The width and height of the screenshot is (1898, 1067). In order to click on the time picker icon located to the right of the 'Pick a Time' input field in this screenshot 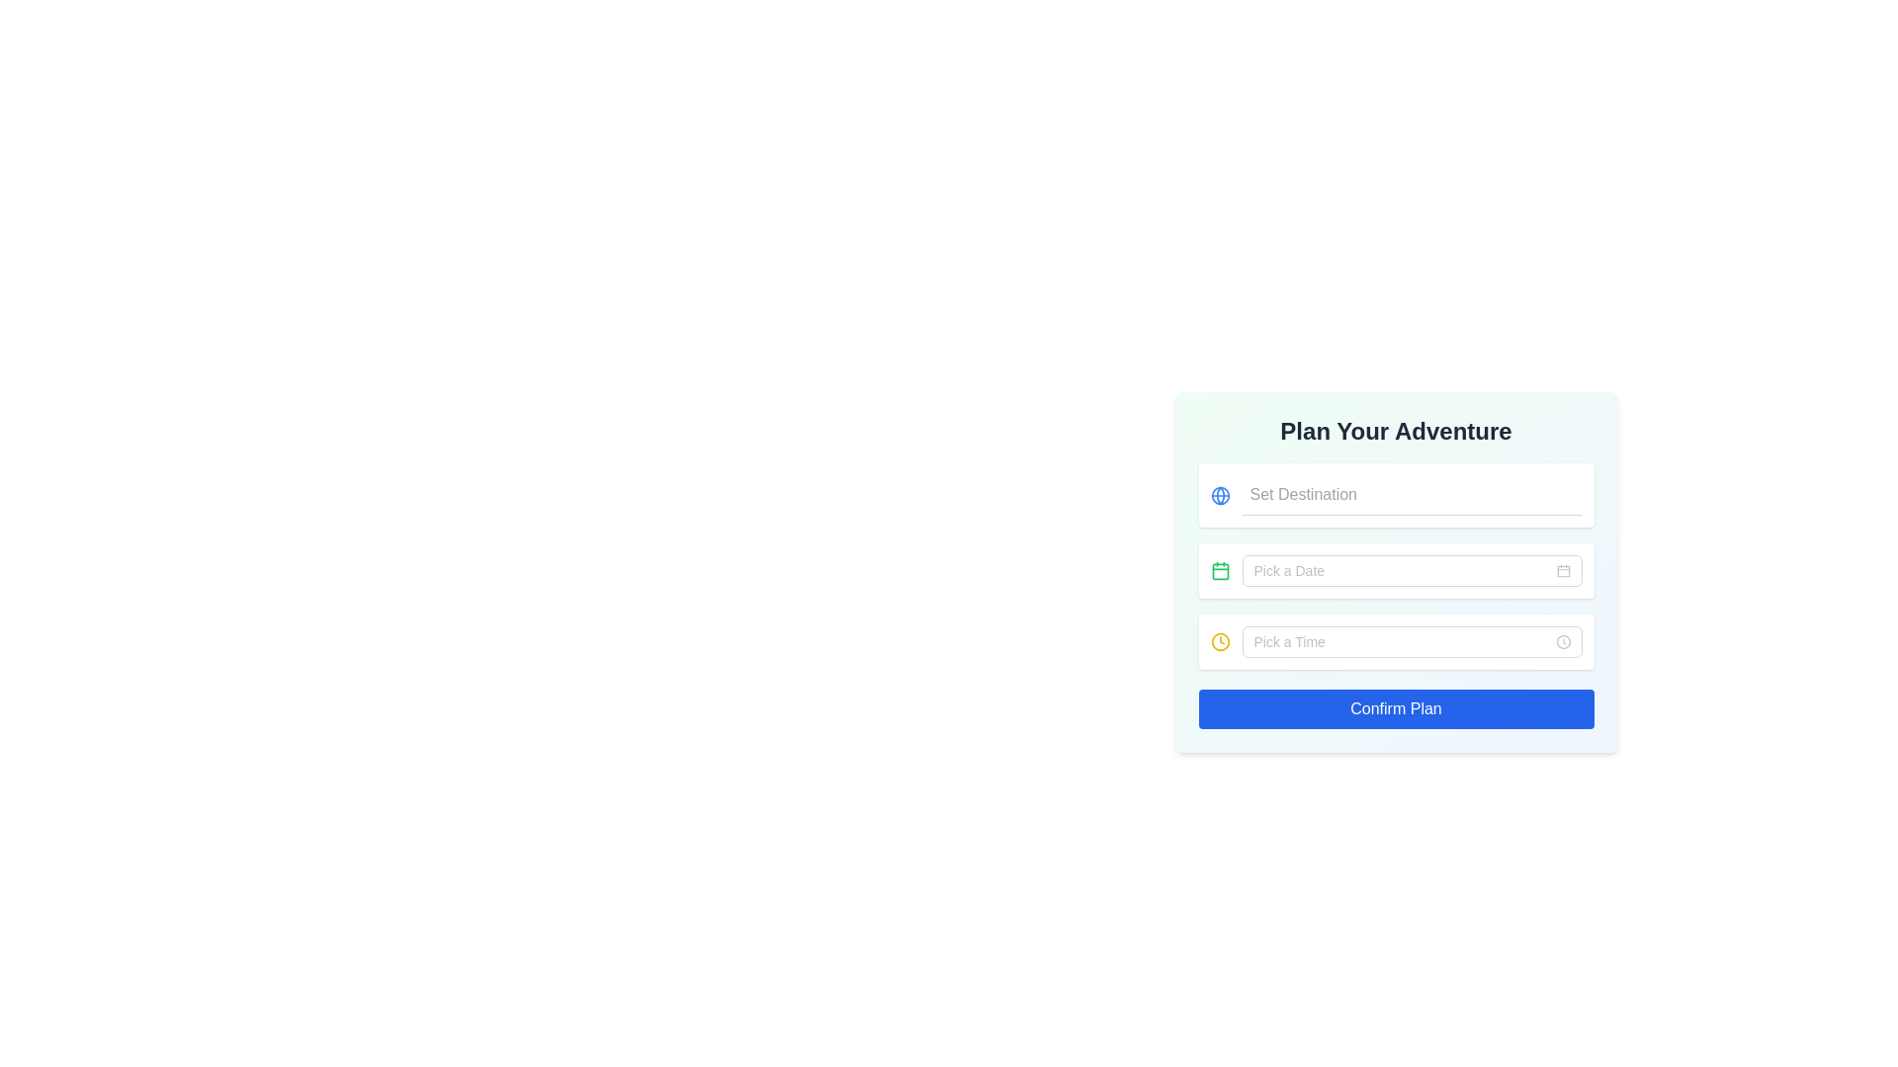, I will do `click(1562, 642)`.